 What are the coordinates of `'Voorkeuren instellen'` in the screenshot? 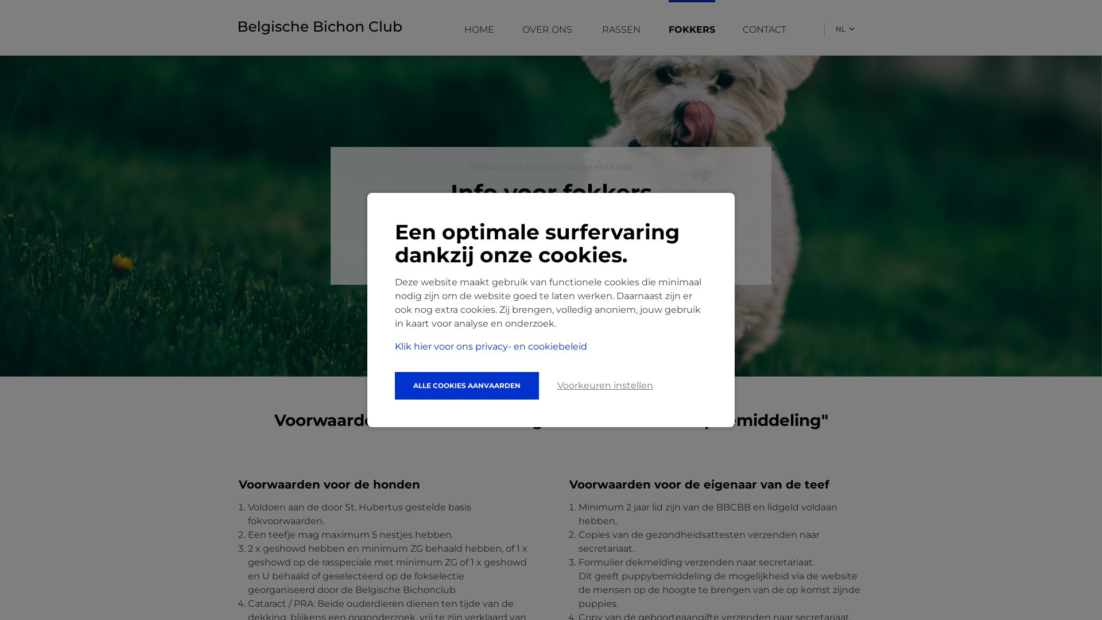 It's located at (604, 385).